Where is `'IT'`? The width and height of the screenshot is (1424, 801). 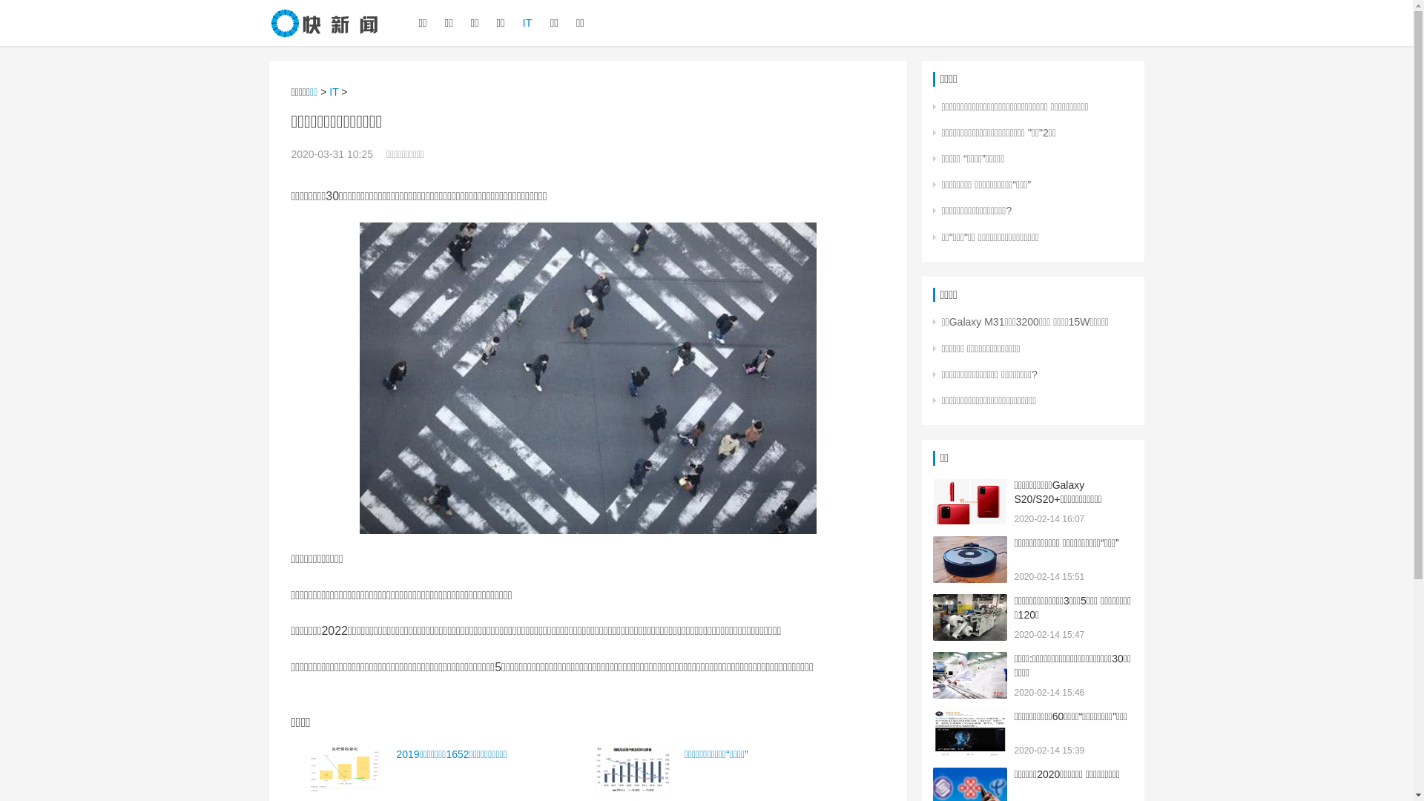
'IT' is located at coordinates (333, 91).